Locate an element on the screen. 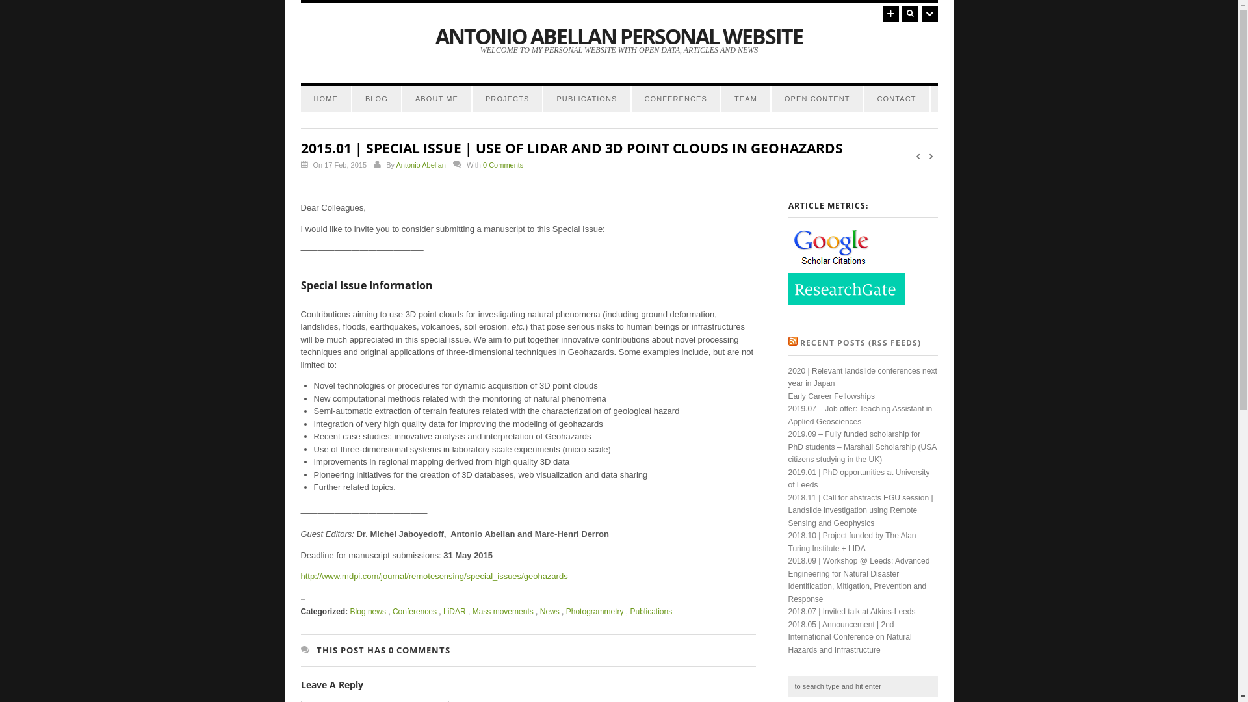 Image resolution: width=1248 pixels, height=702 pixels. 'HOME' is located at coordinates (325, 97).